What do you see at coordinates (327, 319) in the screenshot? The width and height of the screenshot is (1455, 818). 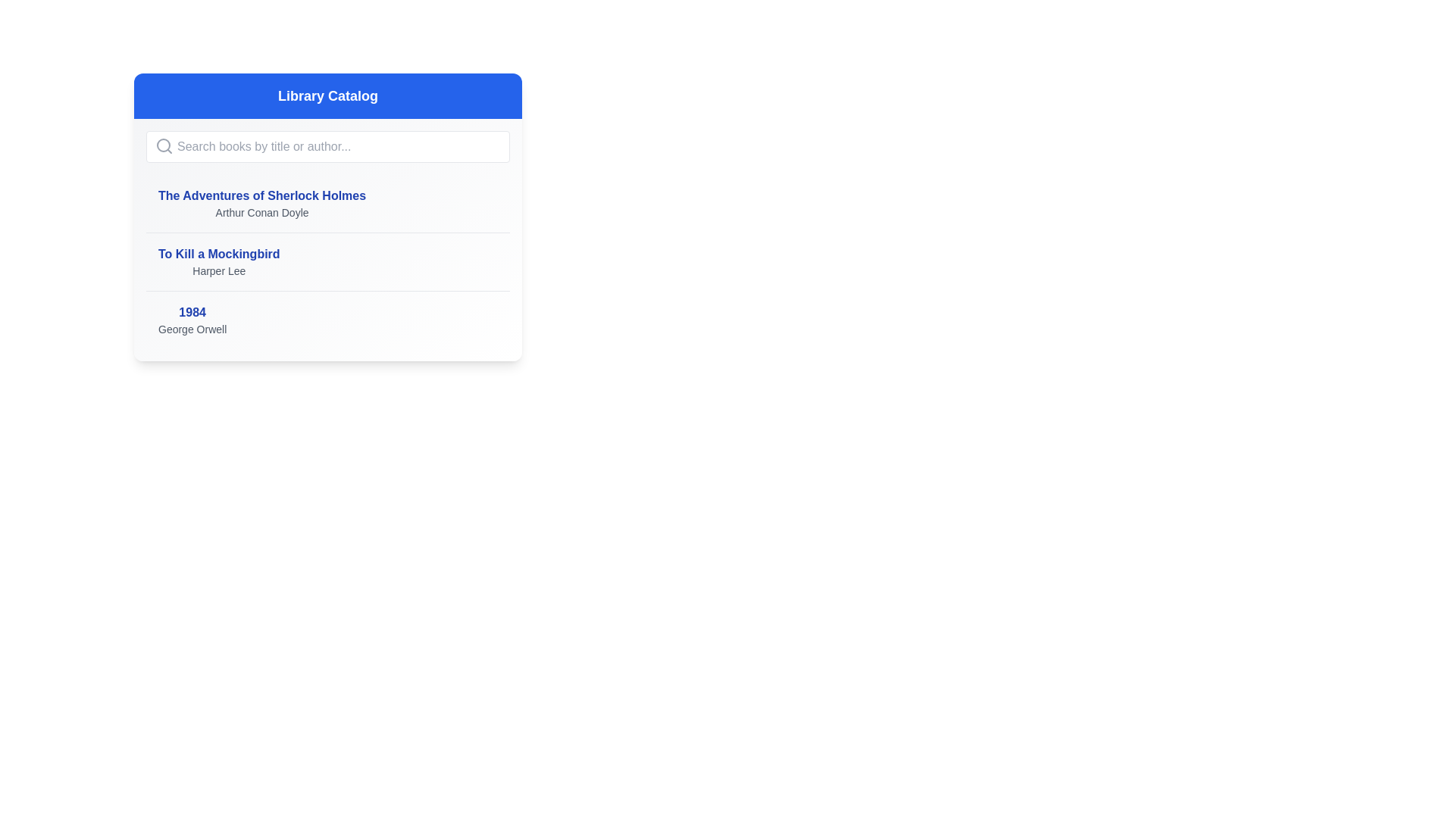 I see `the list item titled '1984' by George Orwell` at bounding box center [327, 319].